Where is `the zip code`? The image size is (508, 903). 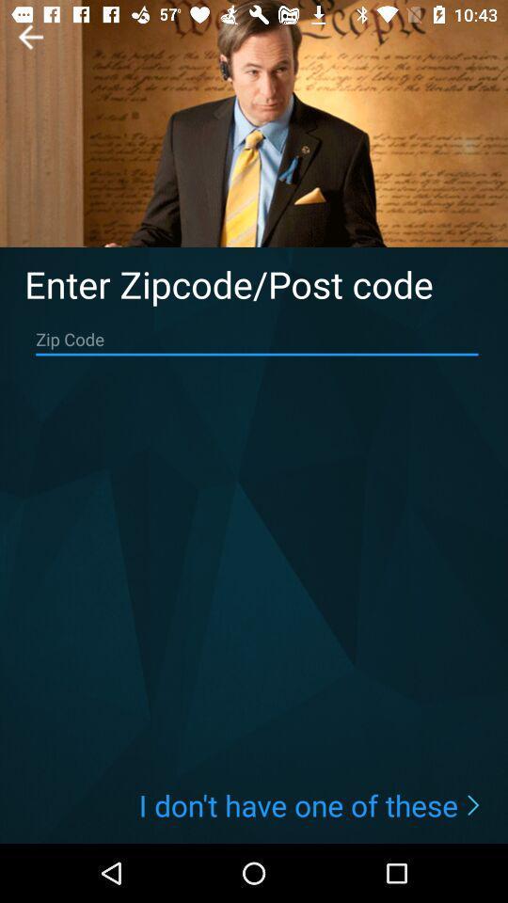 the zip code is located at coordinates (256, 339).